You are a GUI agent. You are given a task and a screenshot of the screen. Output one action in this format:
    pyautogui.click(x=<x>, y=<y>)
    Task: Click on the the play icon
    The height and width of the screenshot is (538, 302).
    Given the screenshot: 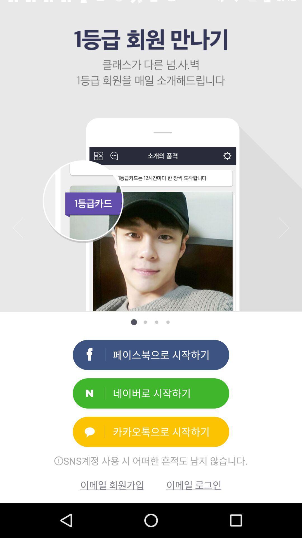 What is the action you would take?
    pyautogui.click(x=284, y=228)
    